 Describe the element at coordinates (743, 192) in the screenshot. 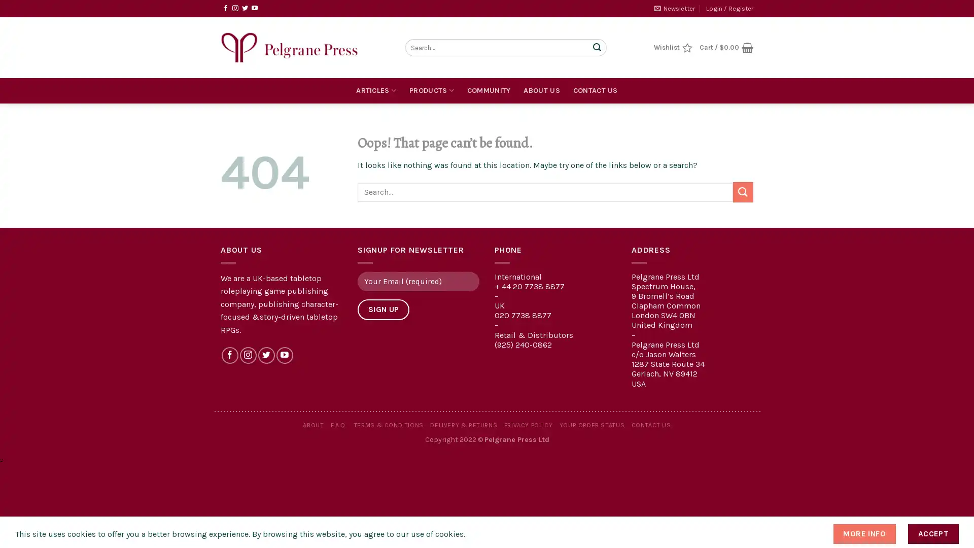

I see `Submit` at that location.